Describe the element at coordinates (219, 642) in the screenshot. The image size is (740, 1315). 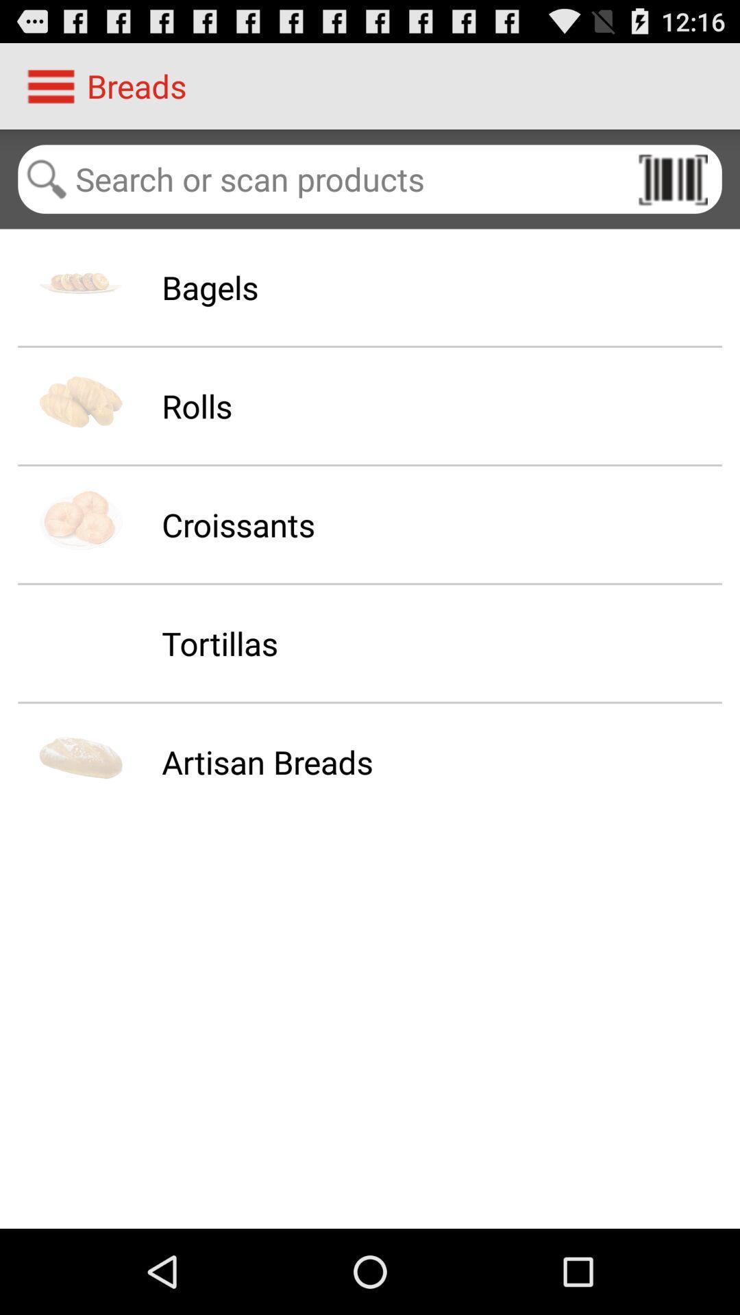
I see `the item above the artisan breads app` at that location.